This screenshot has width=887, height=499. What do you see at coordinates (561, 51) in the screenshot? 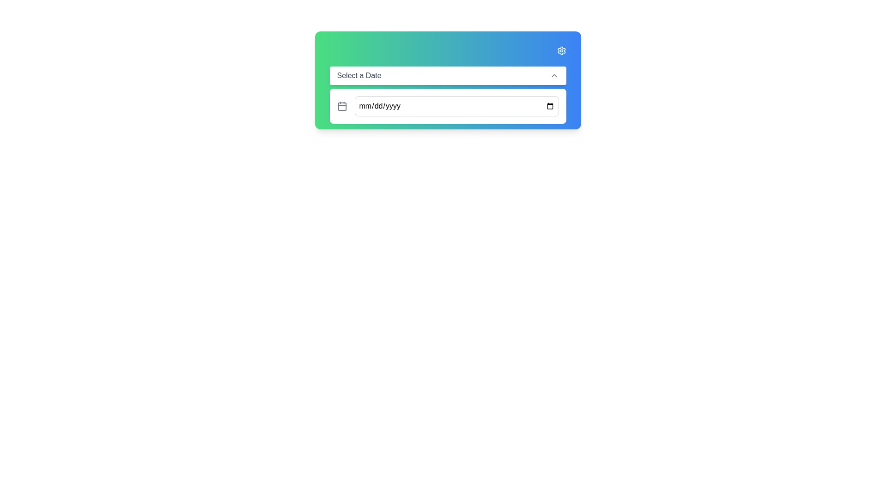
I see `the gear-shaped icon located in the top-right corner of the rectangular interface component` at bounding box center [561, 51].